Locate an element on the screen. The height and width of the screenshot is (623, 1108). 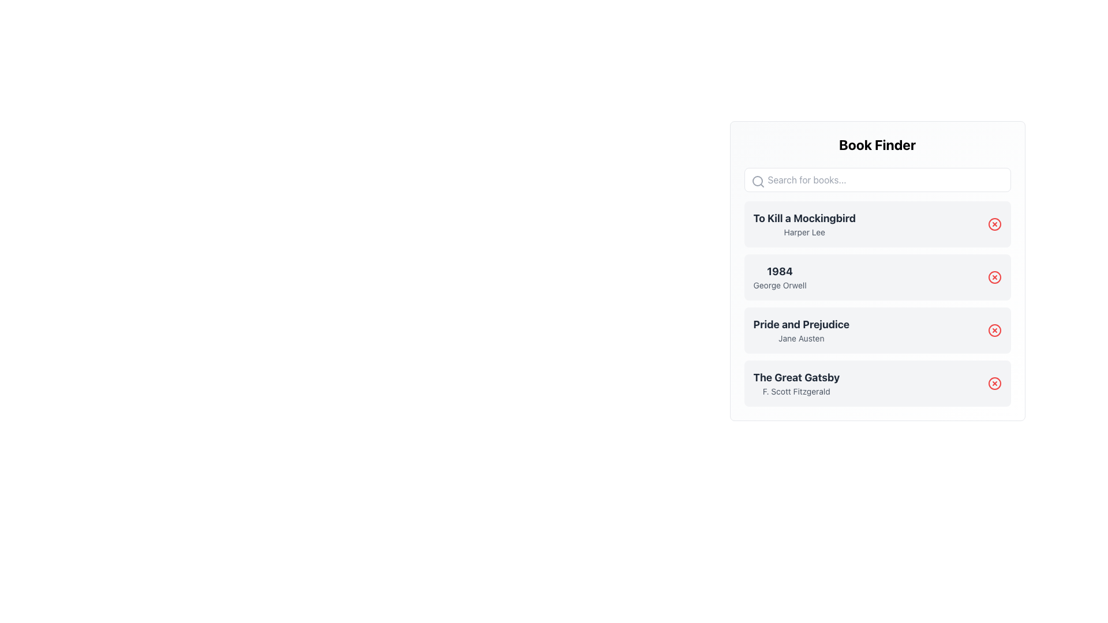
to select the book titled '1984' in the Book Finder application, which is represented as a card-like list item located in the second position of the list is located at coordinates (877, 271).